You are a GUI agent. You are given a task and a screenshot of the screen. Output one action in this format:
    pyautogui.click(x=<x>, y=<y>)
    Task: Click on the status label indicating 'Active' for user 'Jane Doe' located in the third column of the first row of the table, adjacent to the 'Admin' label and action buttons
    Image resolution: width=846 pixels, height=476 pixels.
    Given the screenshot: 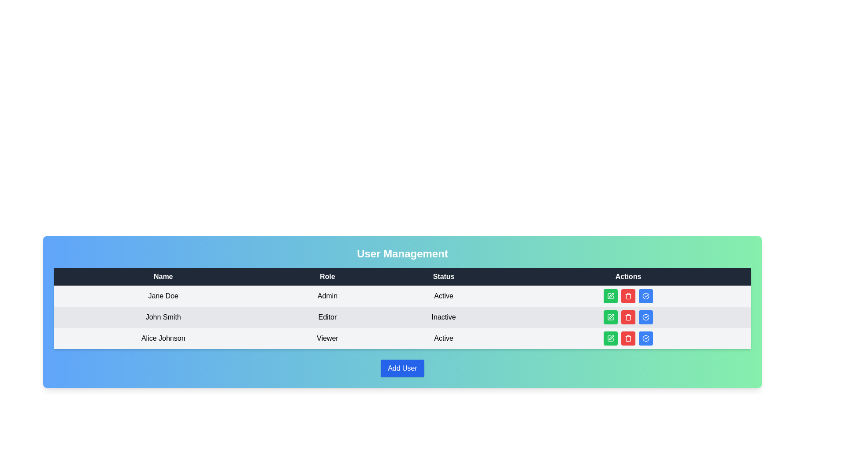 What is the action you would take?
    pyautogui.click(x=444, y=296)
    